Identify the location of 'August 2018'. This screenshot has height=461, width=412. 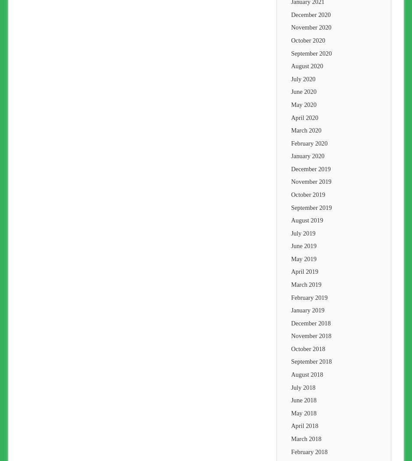
(307, 374).